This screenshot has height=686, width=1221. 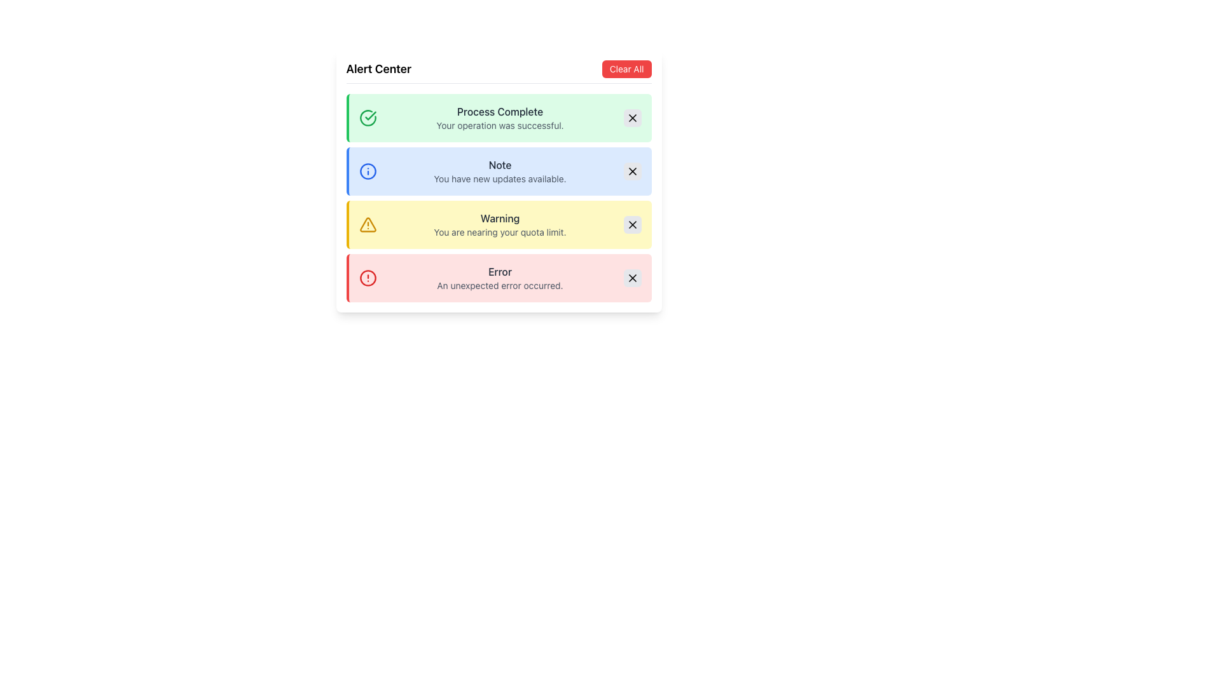 What do you see at coordinates (498, 278) in the screenshot?
I see `the error notification card, which is the fourth in a vertically stacked list of notifications, positioned below the 'Warning' notification` at bounding box center [498, 278].